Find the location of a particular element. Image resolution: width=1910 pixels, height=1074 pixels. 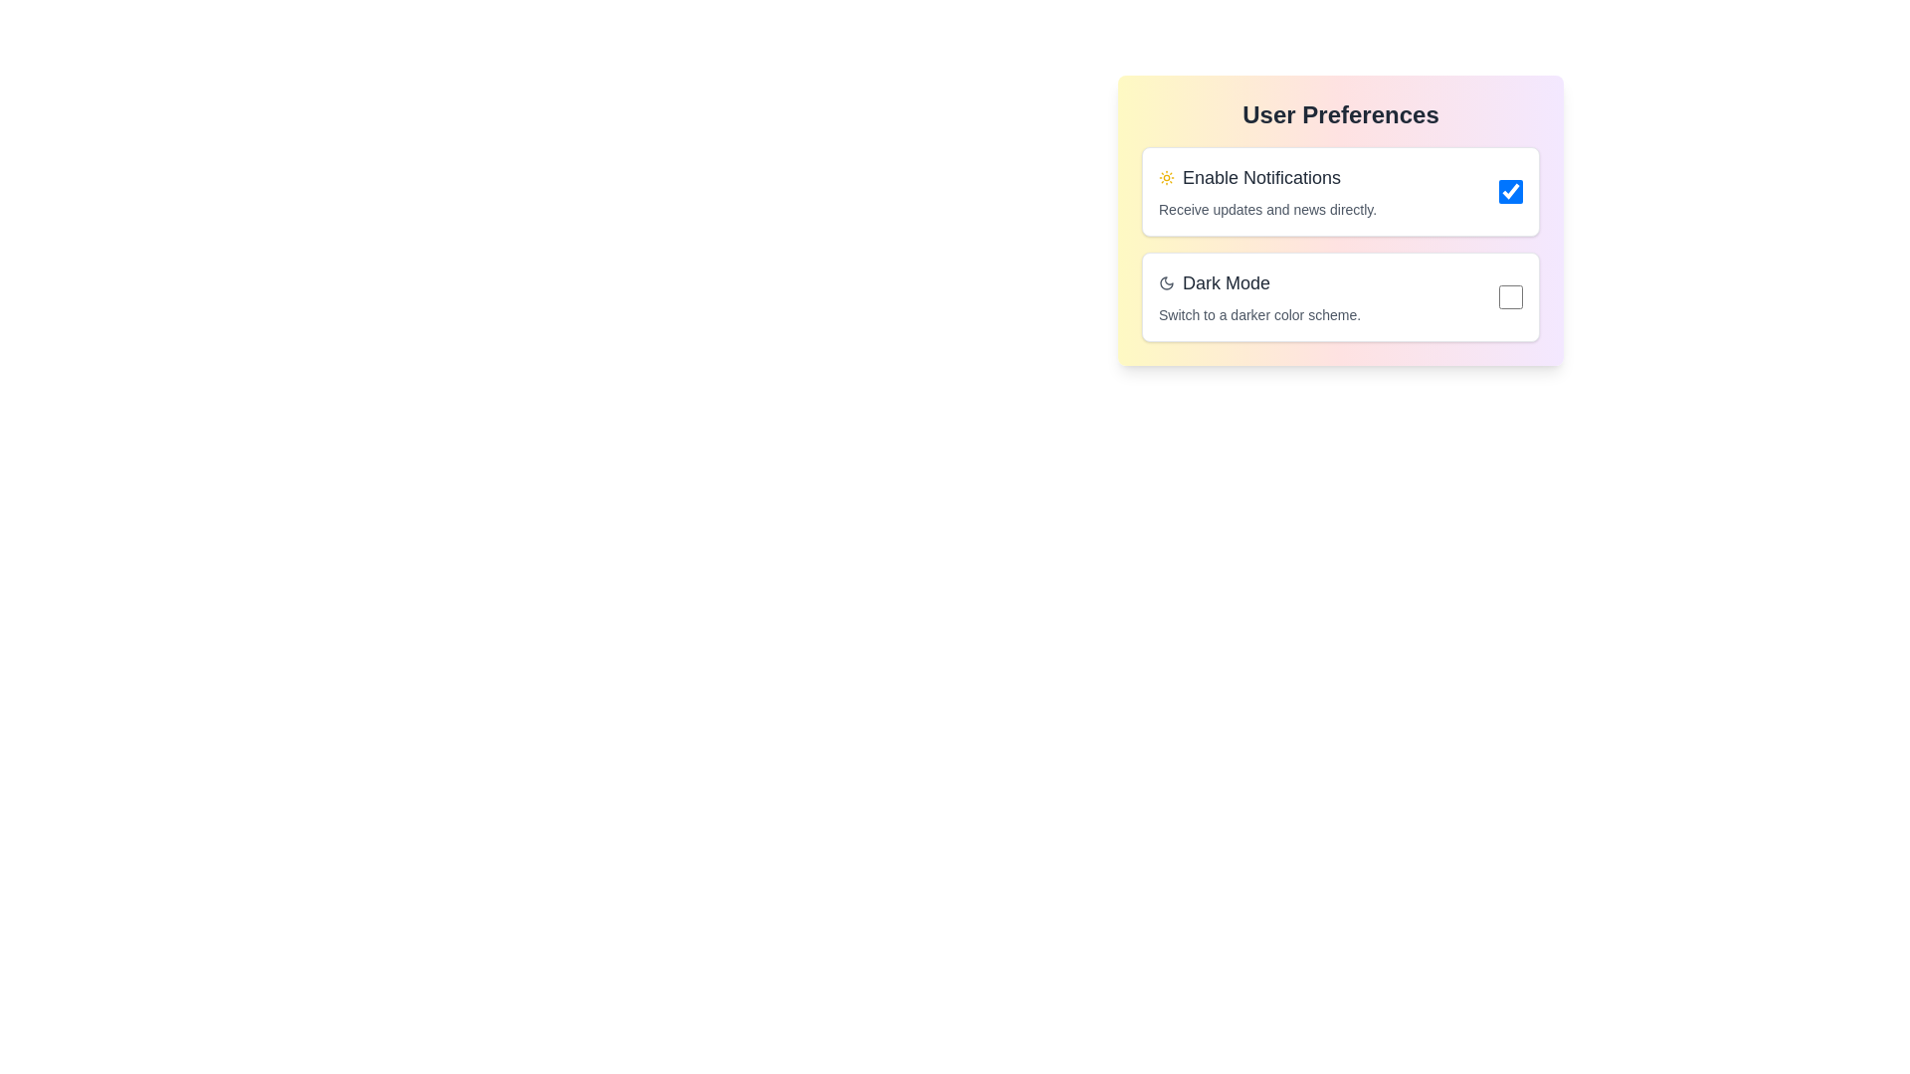

the text element reading 'Receive updates and news directly.' which is located beneath the title 'Enable Notifications' is located at coordinates (1266, 210).